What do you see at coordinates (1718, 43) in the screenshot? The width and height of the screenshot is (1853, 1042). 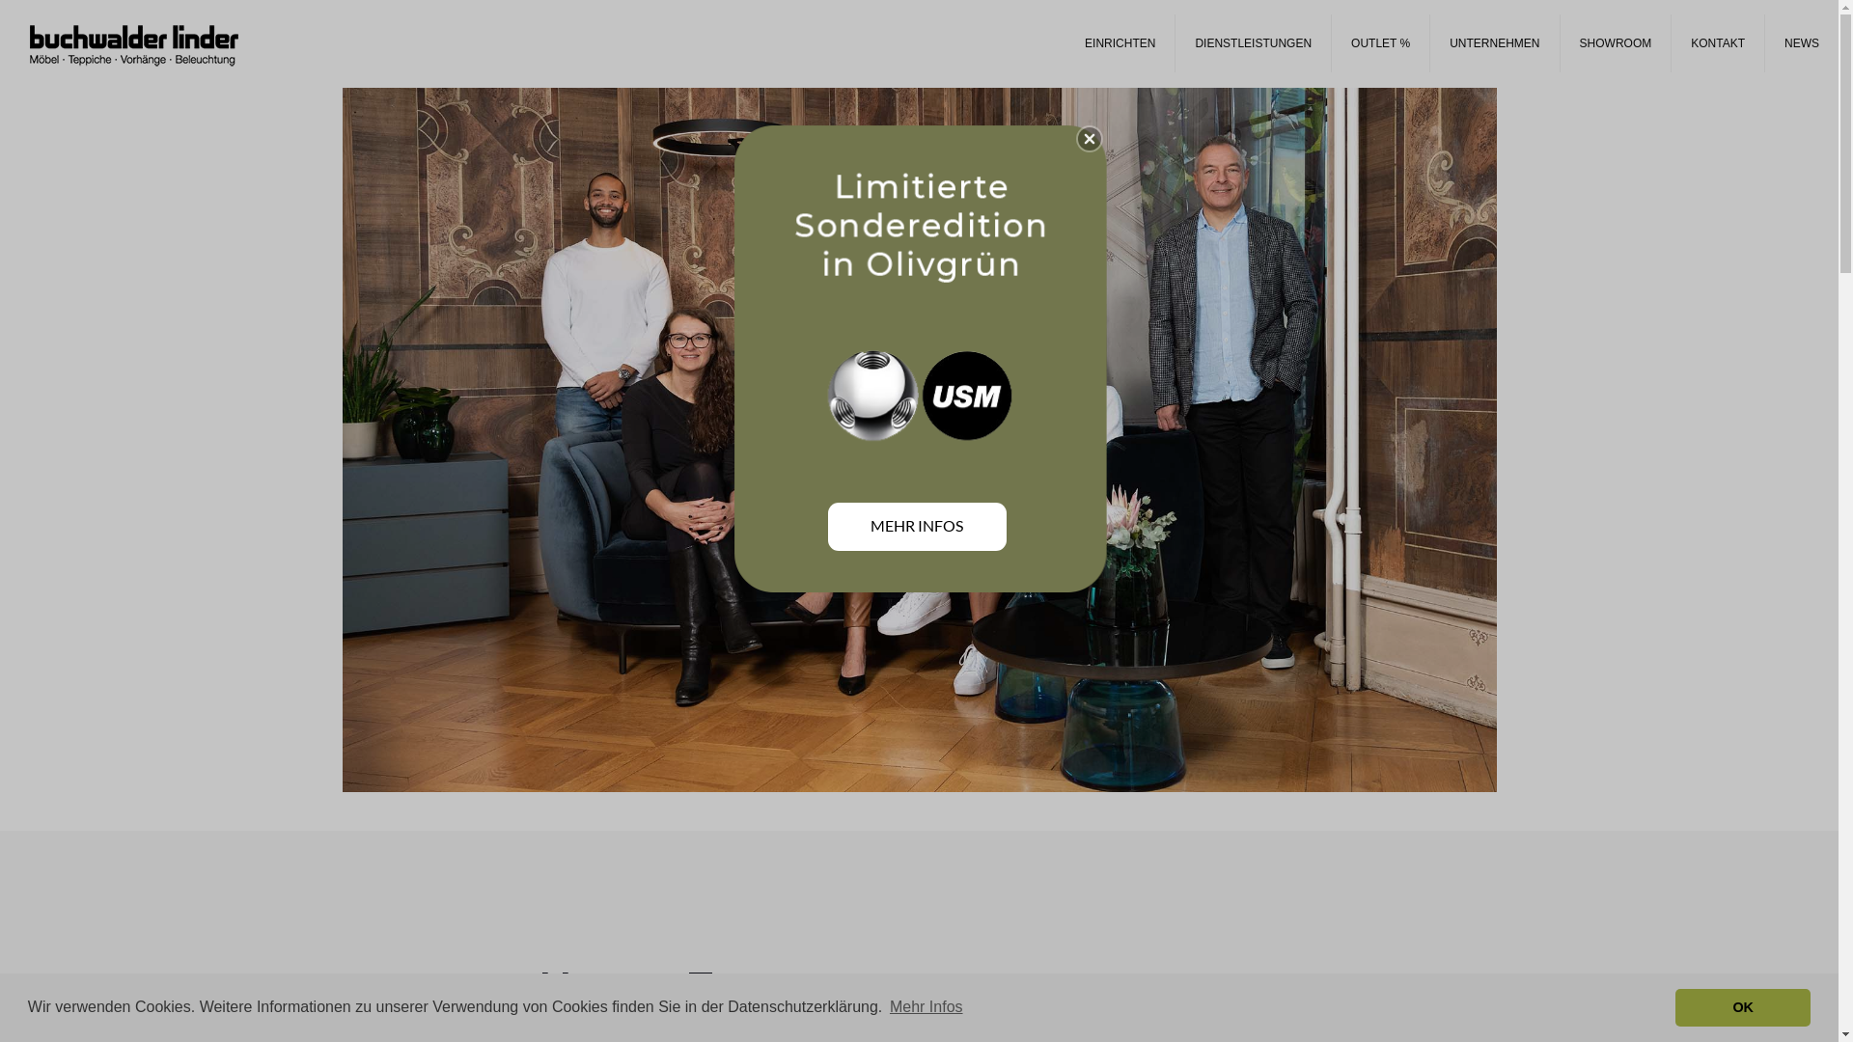 I see `'KONTAKT'` at bounding box center [1718, 43].